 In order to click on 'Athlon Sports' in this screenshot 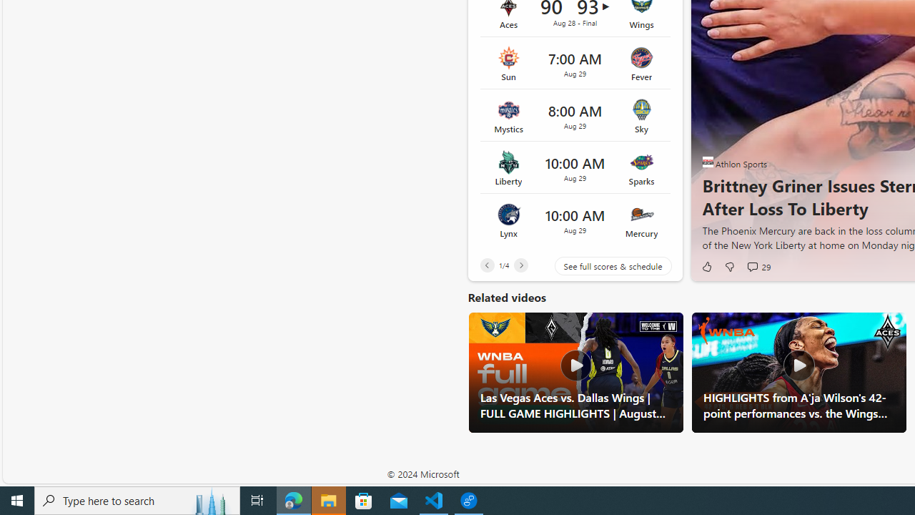, I will do `click(708, 161)`.